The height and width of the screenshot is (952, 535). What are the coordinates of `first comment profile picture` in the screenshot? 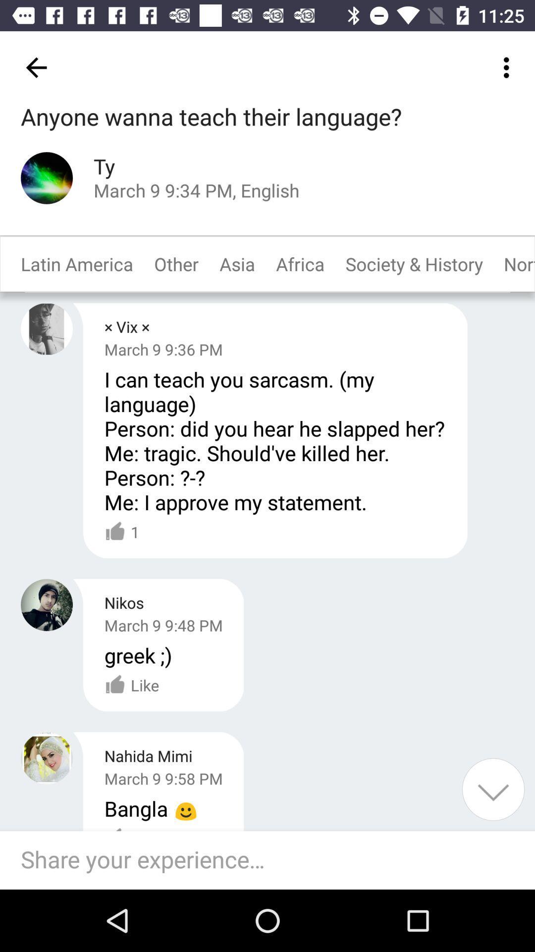 It's located at (47, 329).